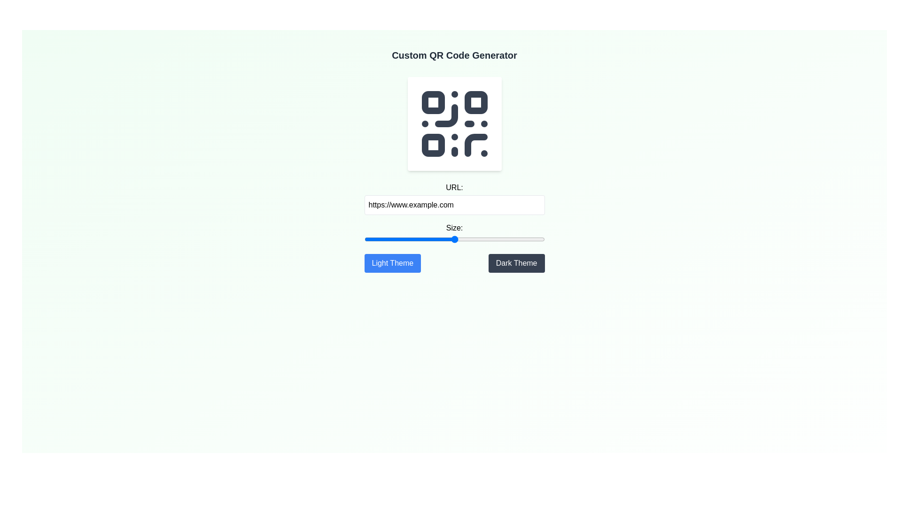 Image resolution: width=902 pixels, height=507 pixels. What do you see at coordinates (457, 238) in the screenshot?
I see `the slider` at bounding box center [457, 238].